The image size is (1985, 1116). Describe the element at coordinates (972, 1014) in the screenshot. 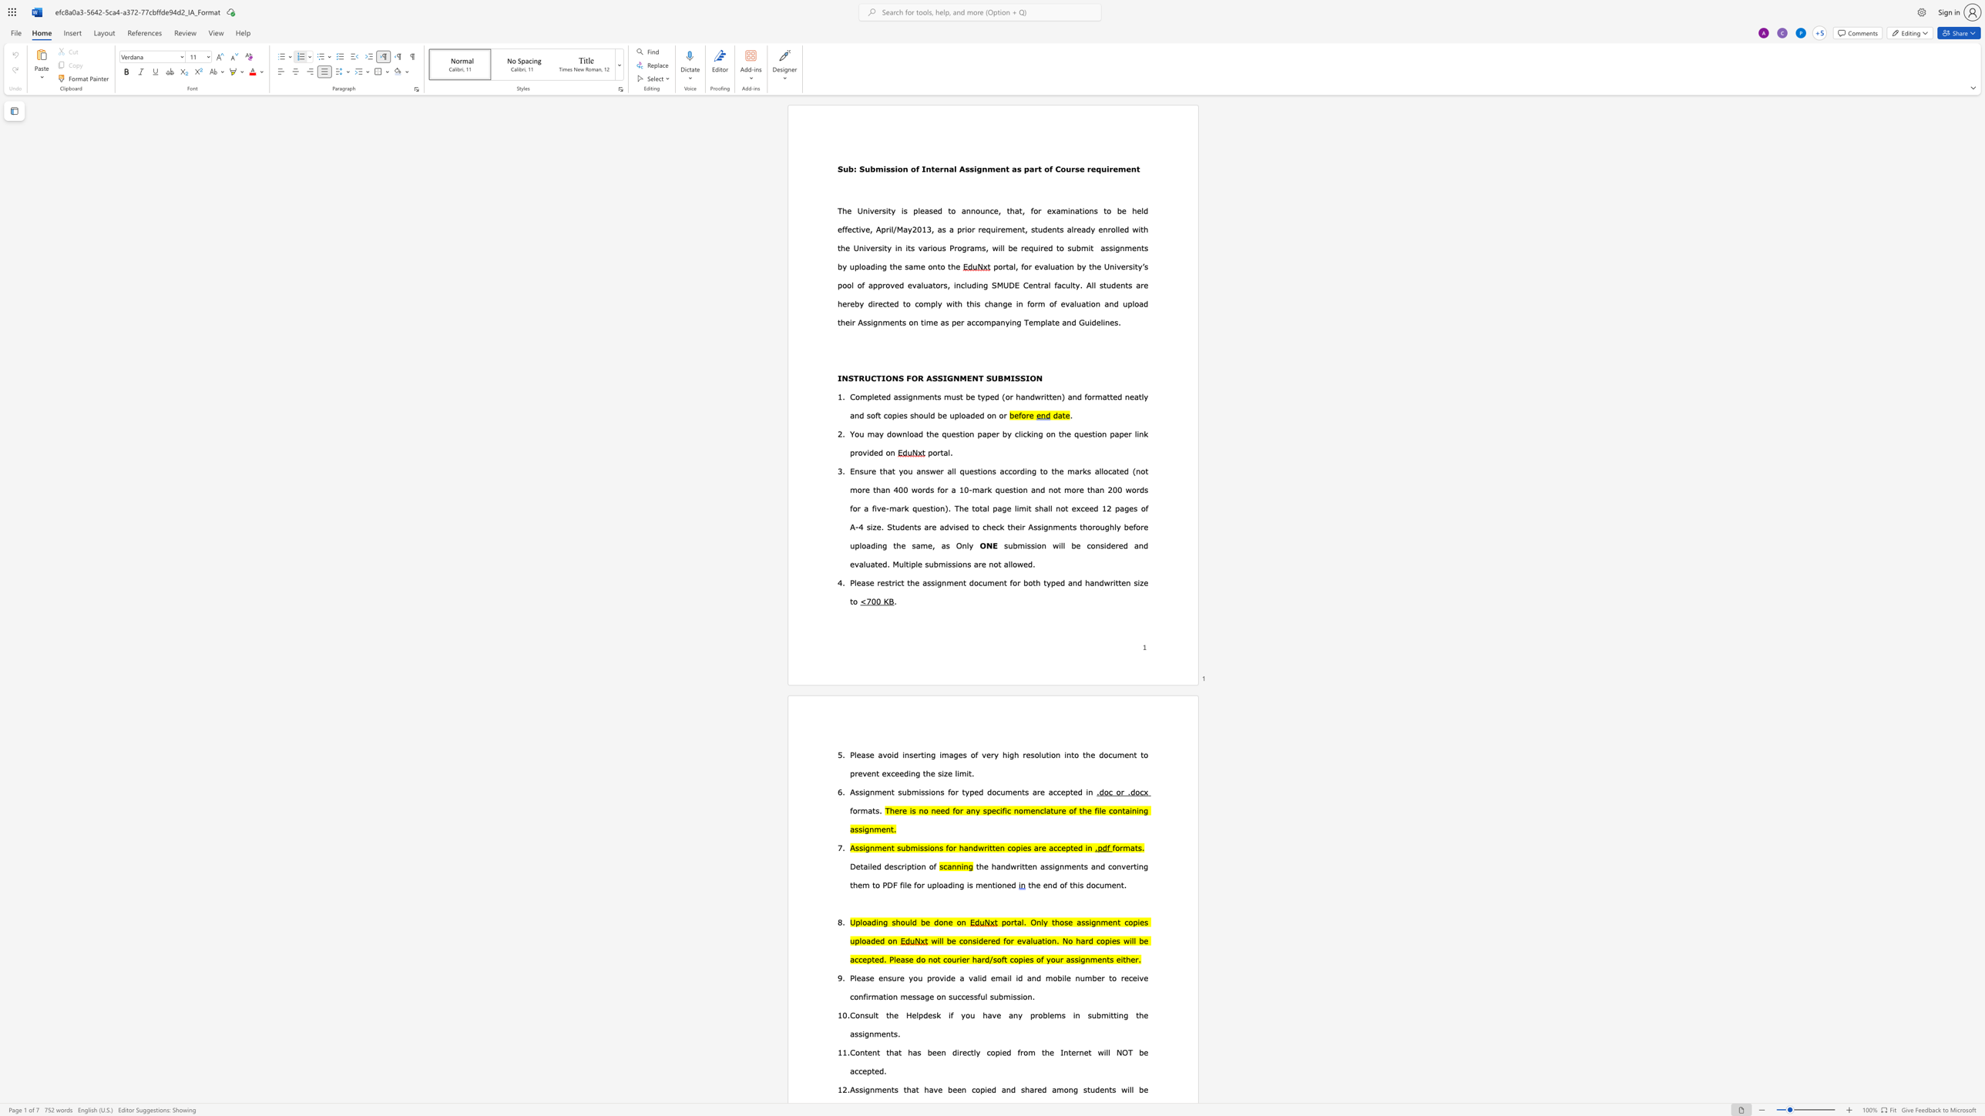

I see `the 2th character "u" in the text` at that location.